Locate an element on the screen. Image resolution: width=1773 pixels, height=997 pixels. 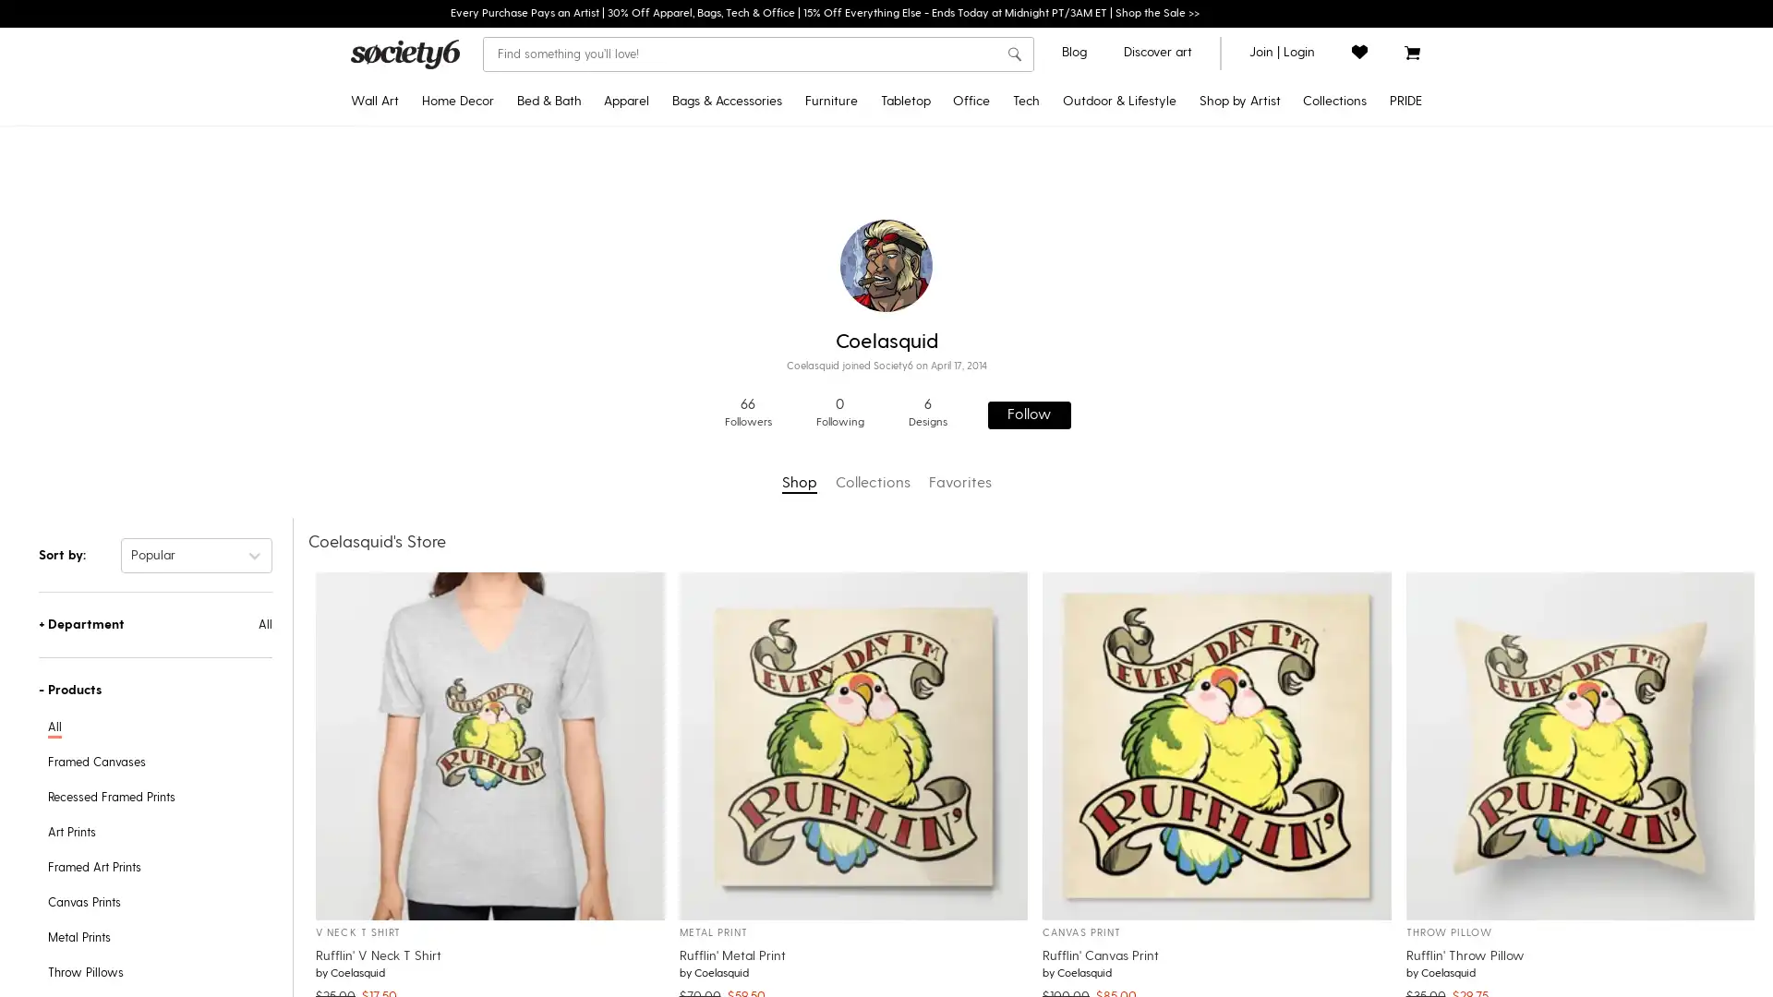
iPhone Wallet Cases is located at coordinates (1092, 207).